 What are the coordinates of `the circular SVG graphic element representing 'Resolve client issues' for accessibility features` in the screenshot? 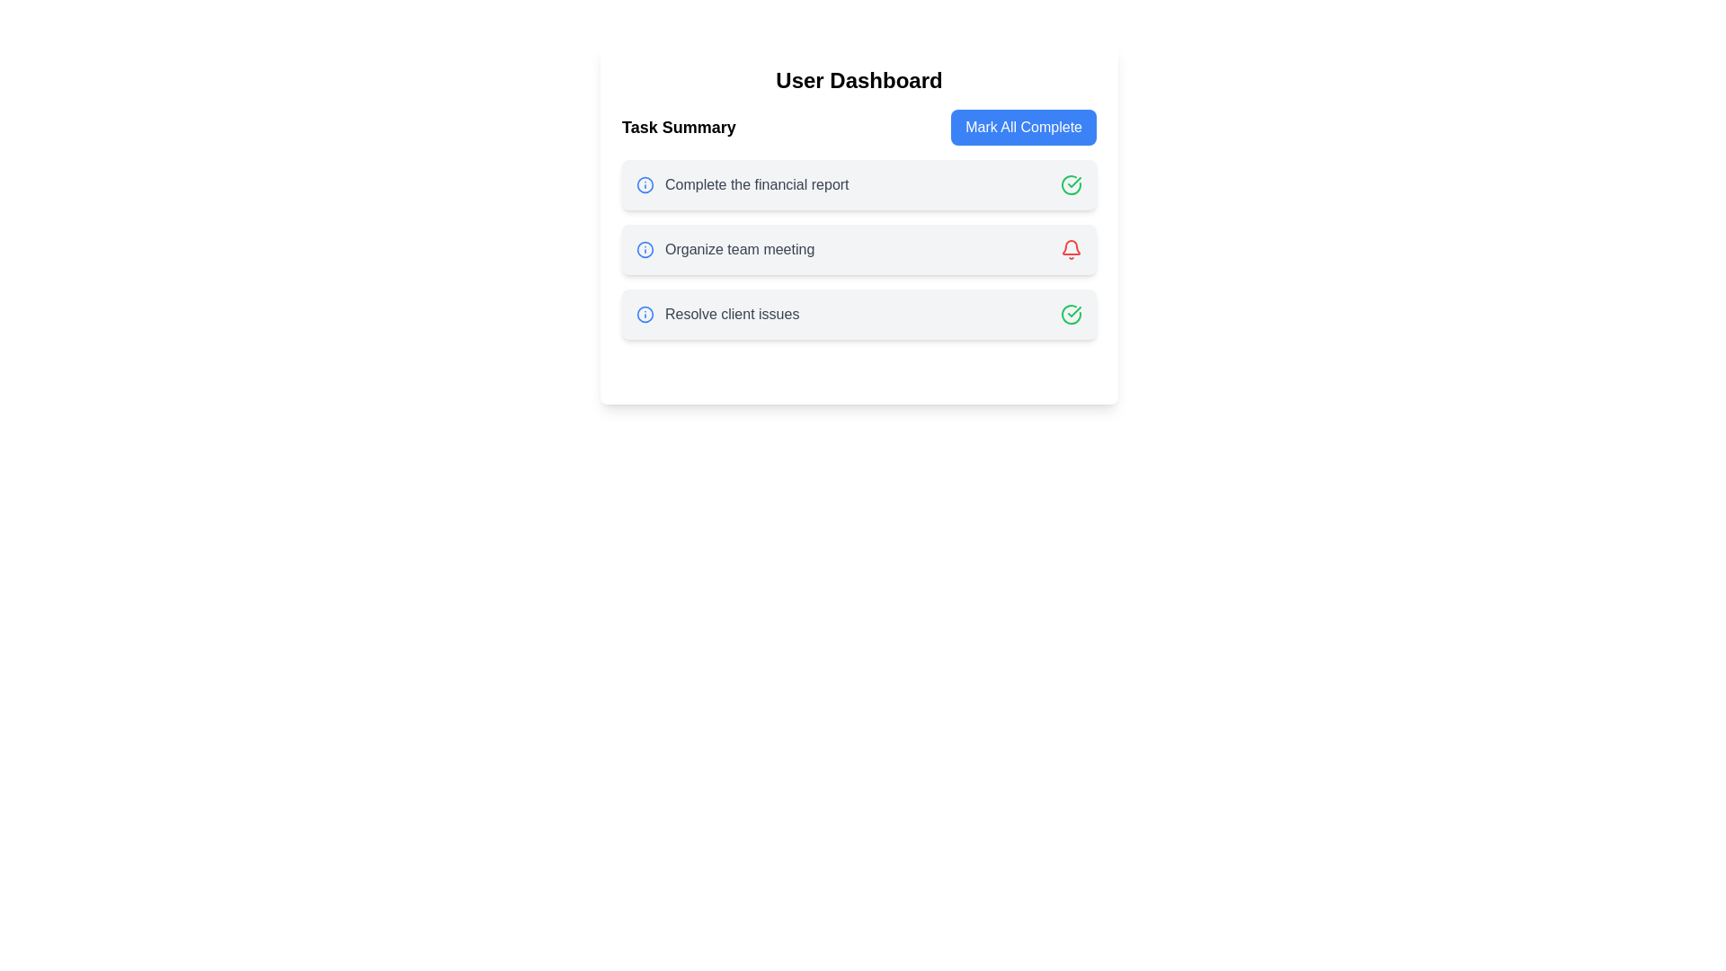 It's located at (645, 314).